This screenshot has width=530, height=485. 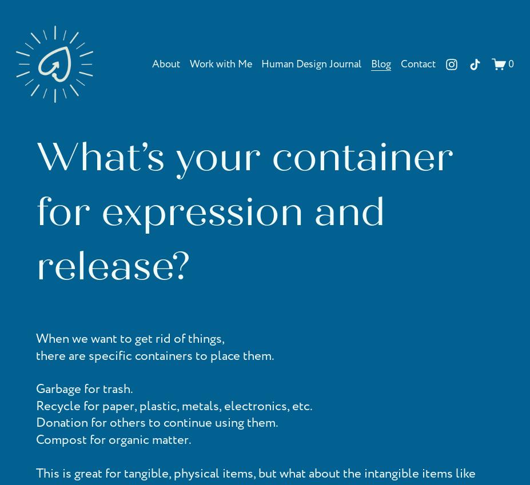 I want to click on '0', so click(x=511, y=63).